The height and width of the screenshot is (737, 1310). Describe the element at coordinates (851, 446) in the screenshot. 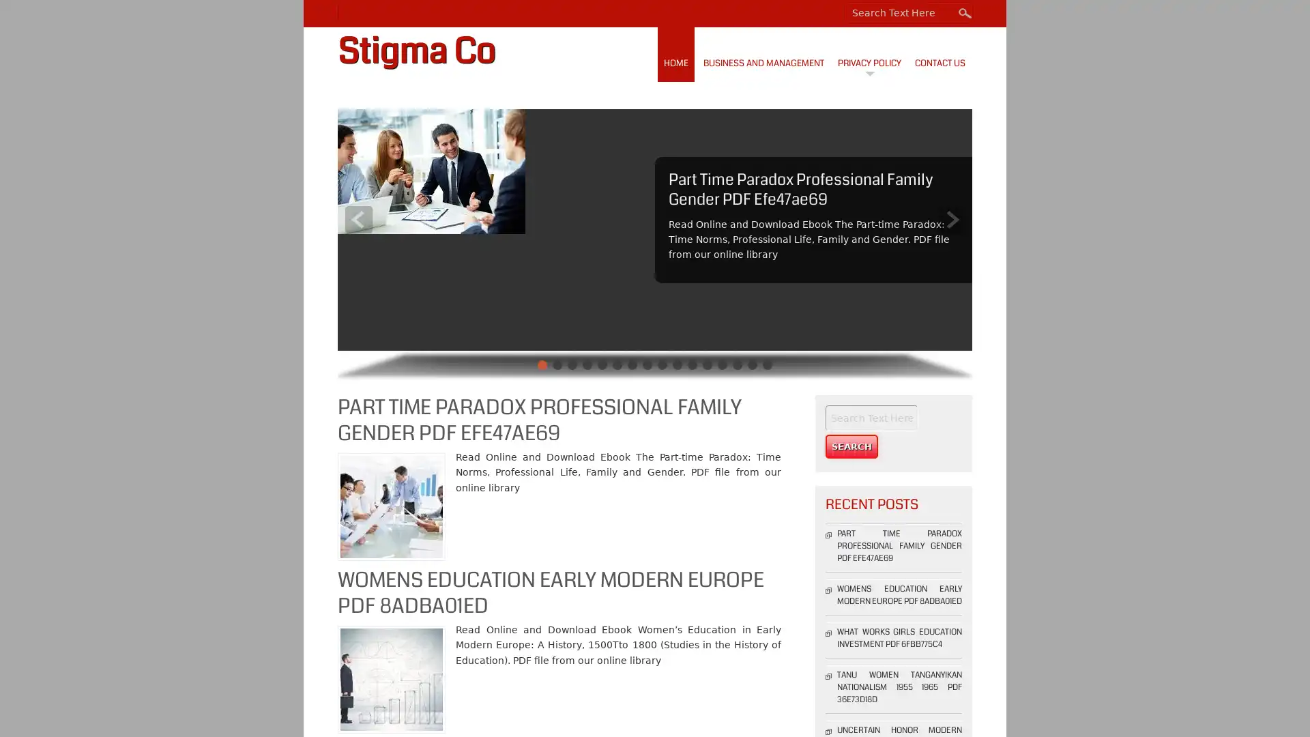

I see `Search` at that location.